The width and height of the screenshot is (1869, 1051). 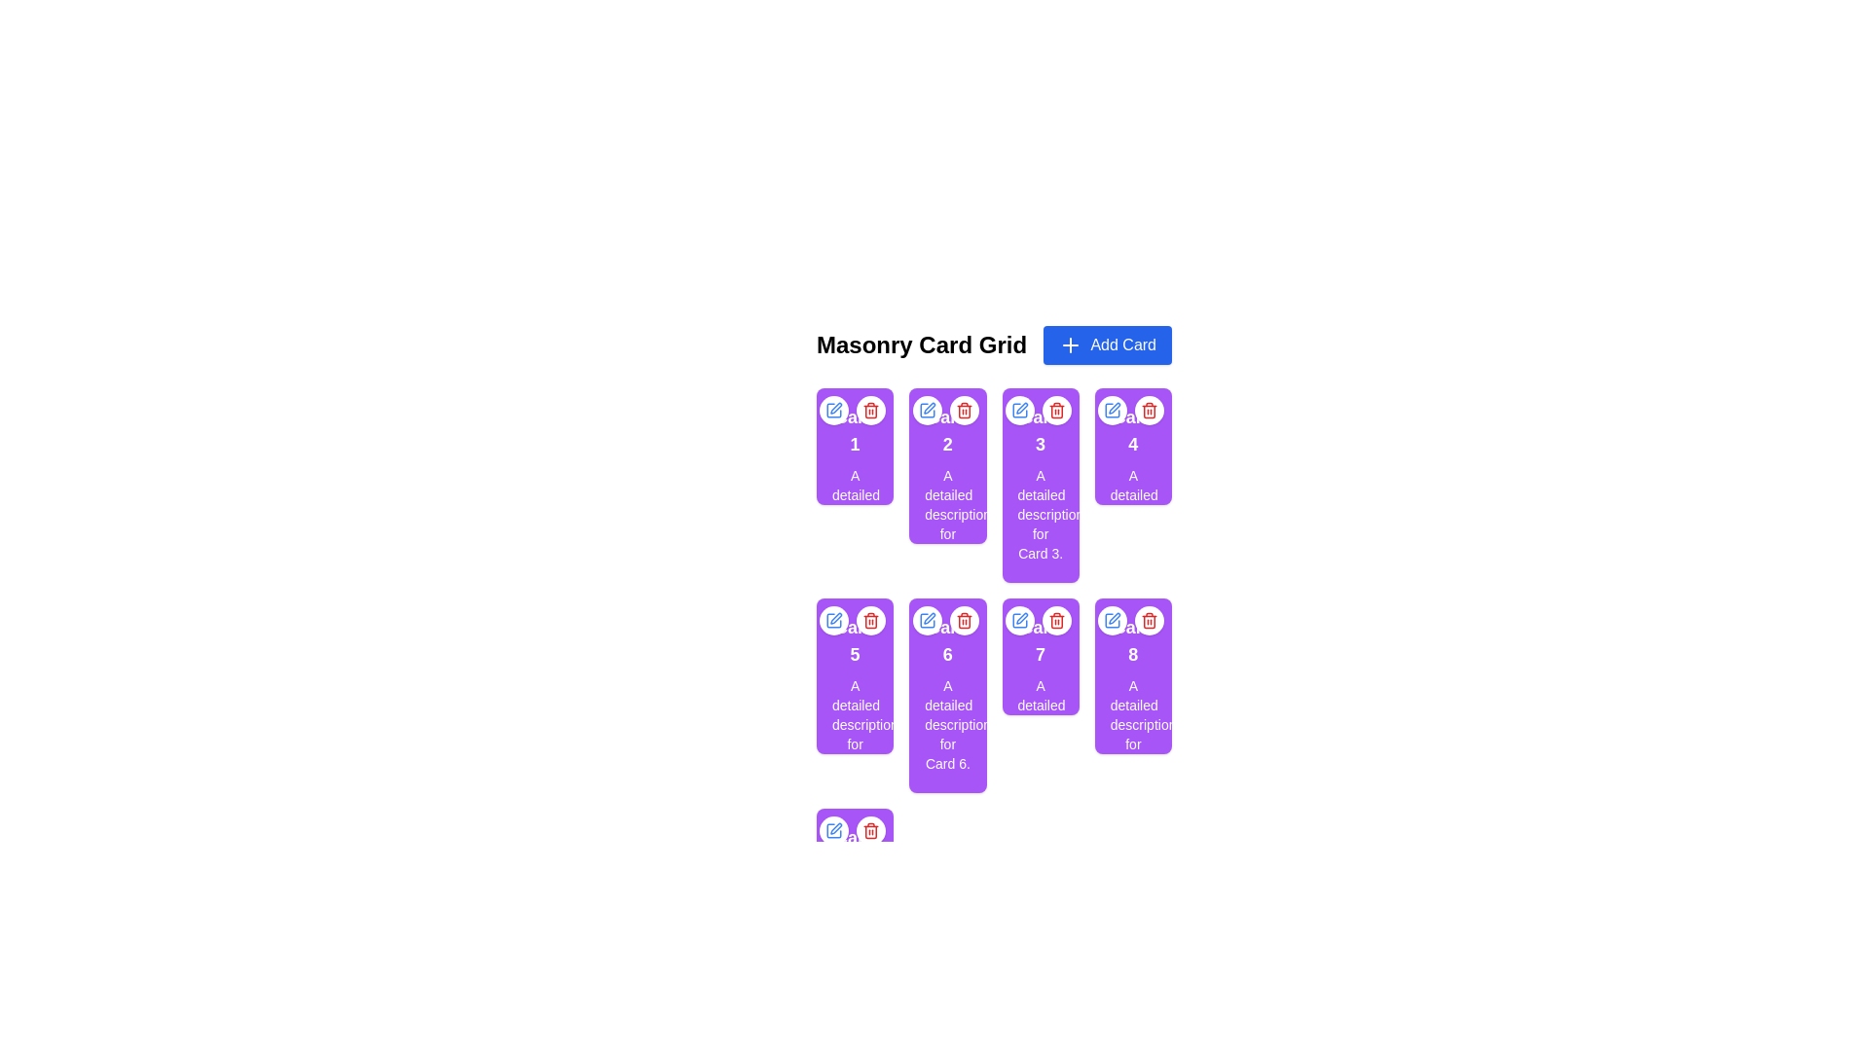 What do you see at coordinates (1040, 657) in the screenshot?
I see `the delete button of 'Card 7' located in the third column and second row of the masonry card grid` at bounding box center [1040, 657].